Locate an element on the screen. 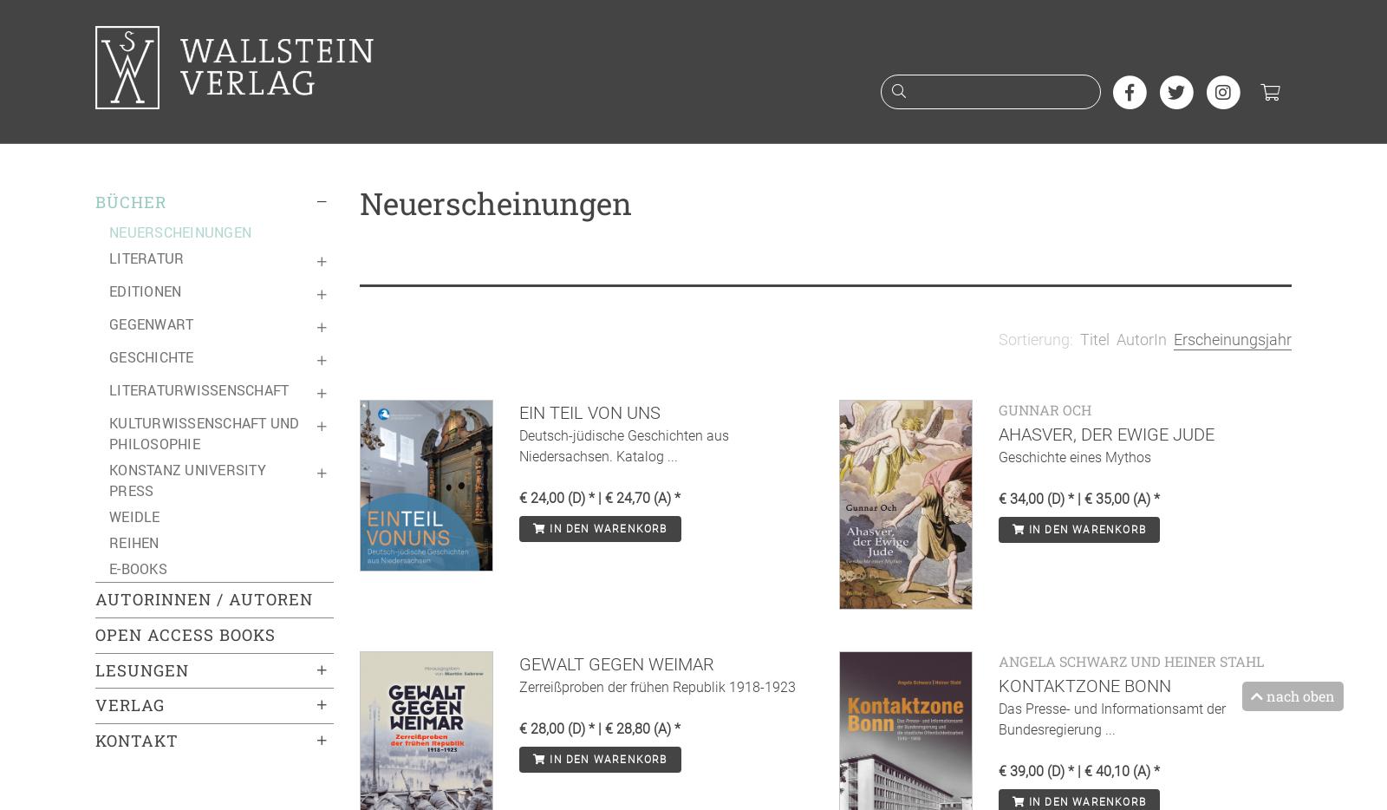 The width and height of the screenshot is (1387, 810). 'E-Books' is located at coordinates (137, 568).